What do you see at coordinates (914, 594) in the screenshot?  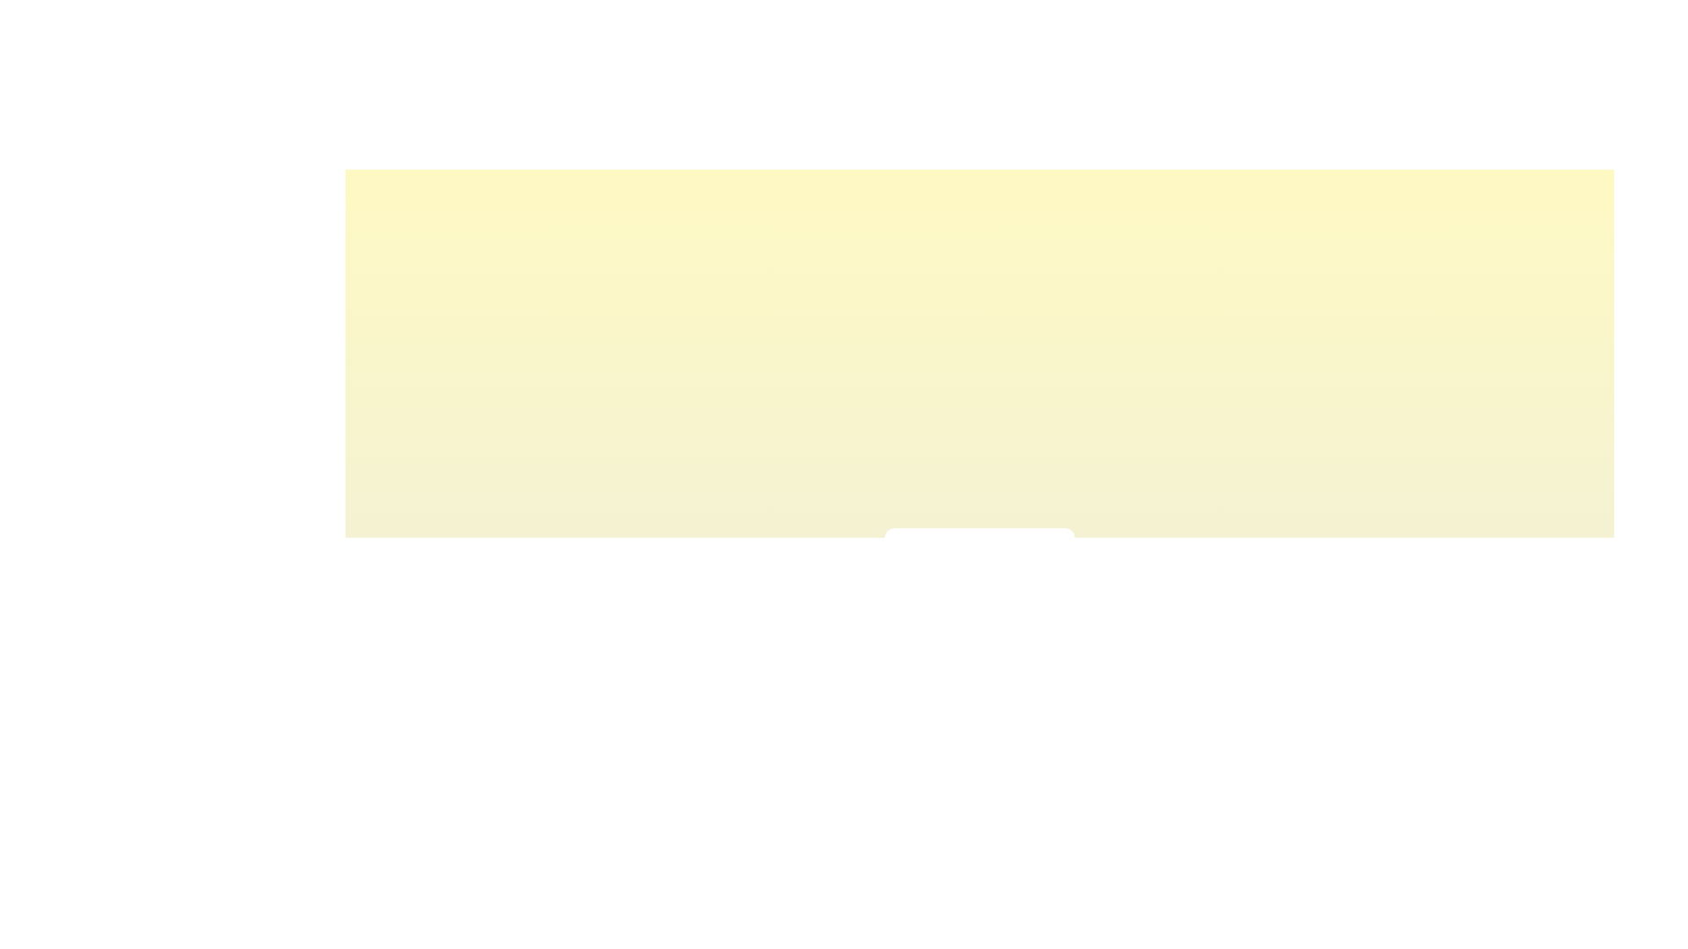 I see `the light intensity to 6% by dragging the slider` at bounding box center [914, 594].